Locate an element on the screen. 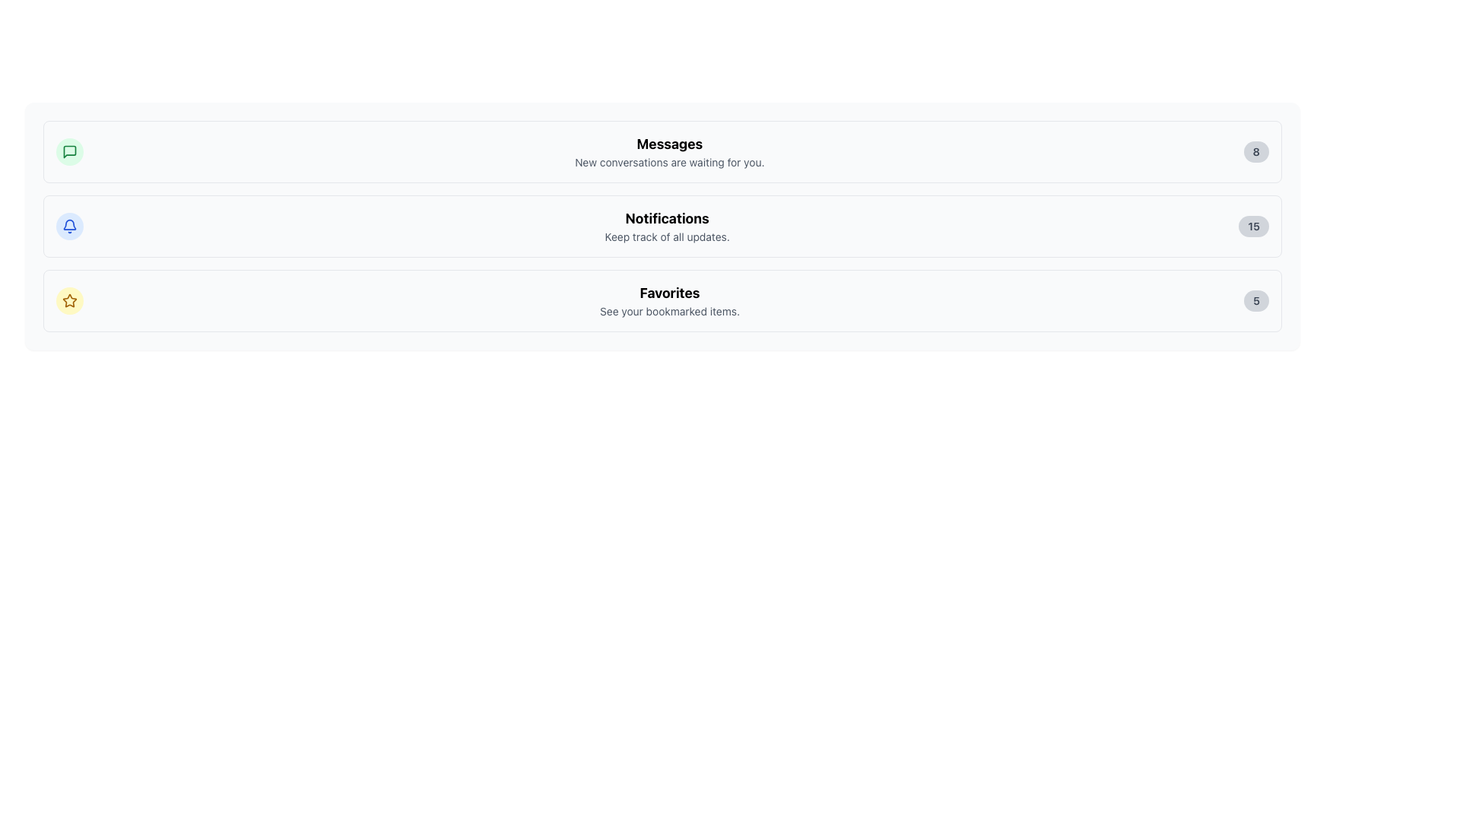 The height and width of the screenshot is (821, 1460). the 'Favorites' text label is located at coordinates (669, 293).